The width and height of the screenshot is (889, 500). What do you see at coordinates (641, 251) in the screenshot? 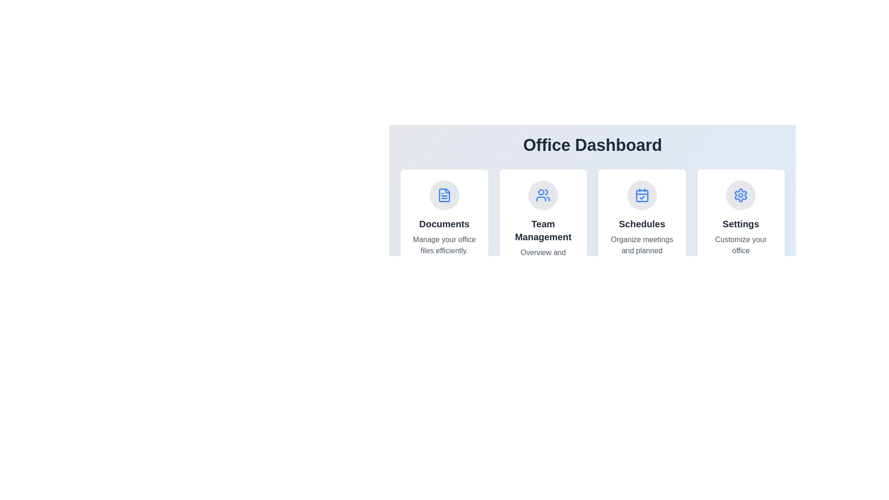
I see `the text label displaying 'Organize meetings and planned events.' located in the 'Schedules' card, which is the third card from the left in the grid layout` at bounding box center [641, 251].